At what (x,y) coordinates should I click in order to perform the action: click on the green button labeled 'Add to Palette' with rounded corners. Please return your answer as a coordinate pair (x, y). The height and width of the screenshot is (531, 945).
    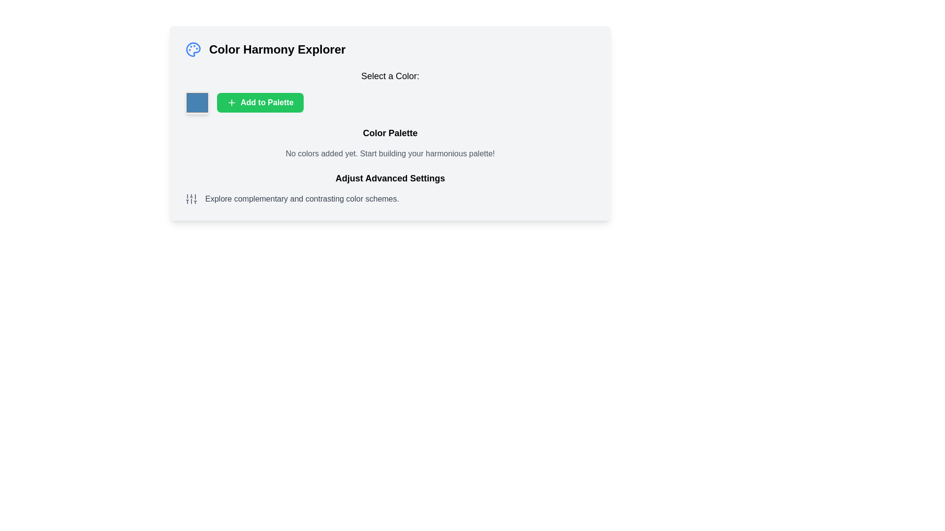
    Looking at the image, I should click on (260, 102).